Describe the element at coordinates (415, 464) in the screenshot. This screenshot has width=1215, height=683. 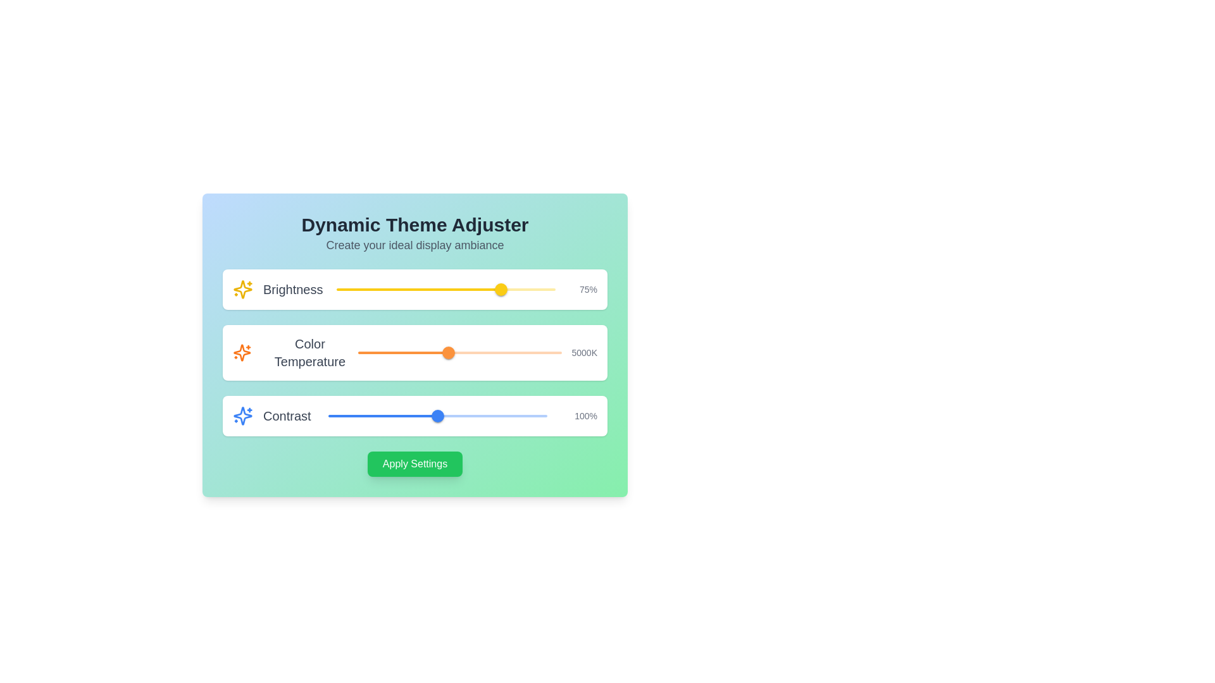
I see `the confirm button` at that location.